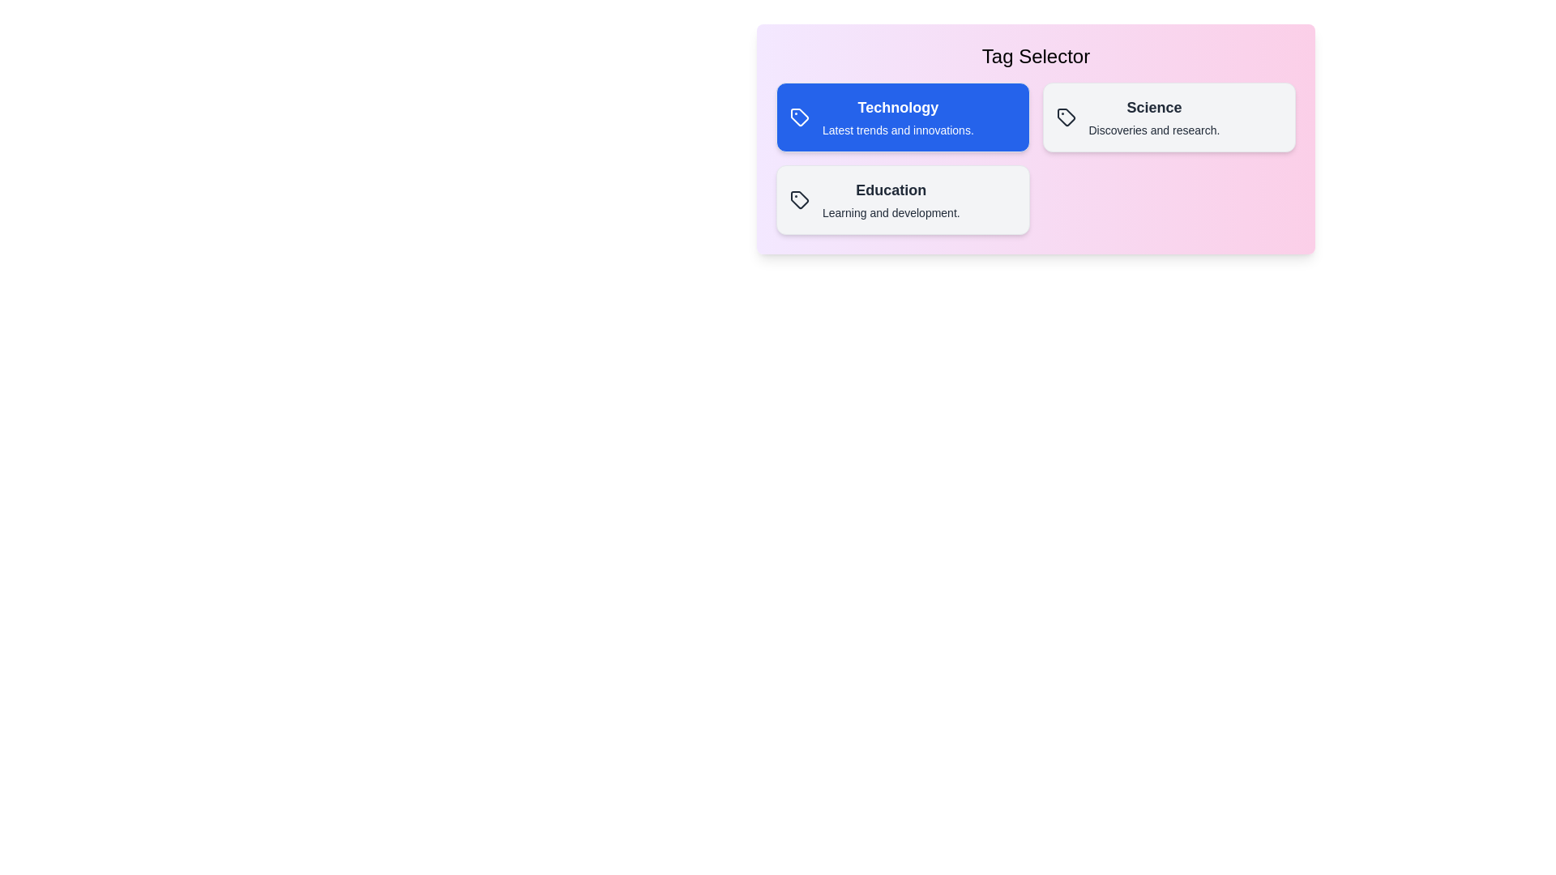 The height and width of the screenshot is (875, 1556). What do you see at coordinates (902, 198) in the screenshot?
I see `the tag Education to toggle its selection status` at bounding box center [902, 198].